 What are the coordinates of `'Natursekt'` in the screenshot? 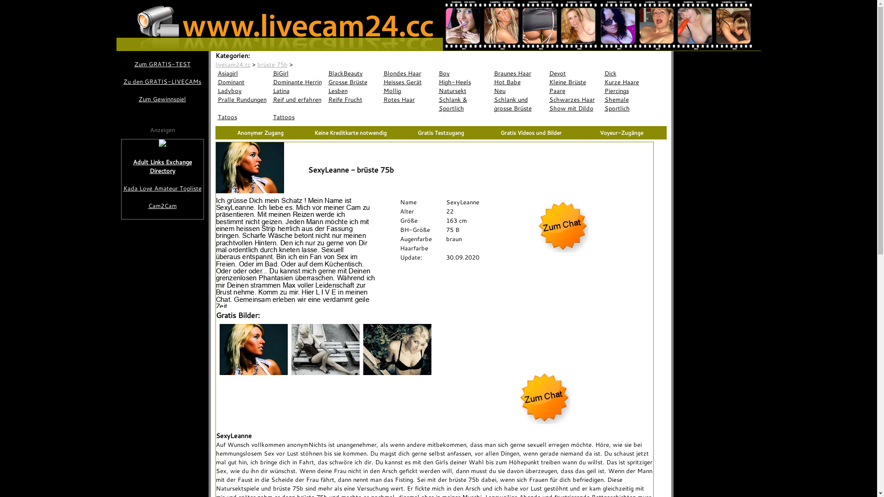 It's located at (464, 91).